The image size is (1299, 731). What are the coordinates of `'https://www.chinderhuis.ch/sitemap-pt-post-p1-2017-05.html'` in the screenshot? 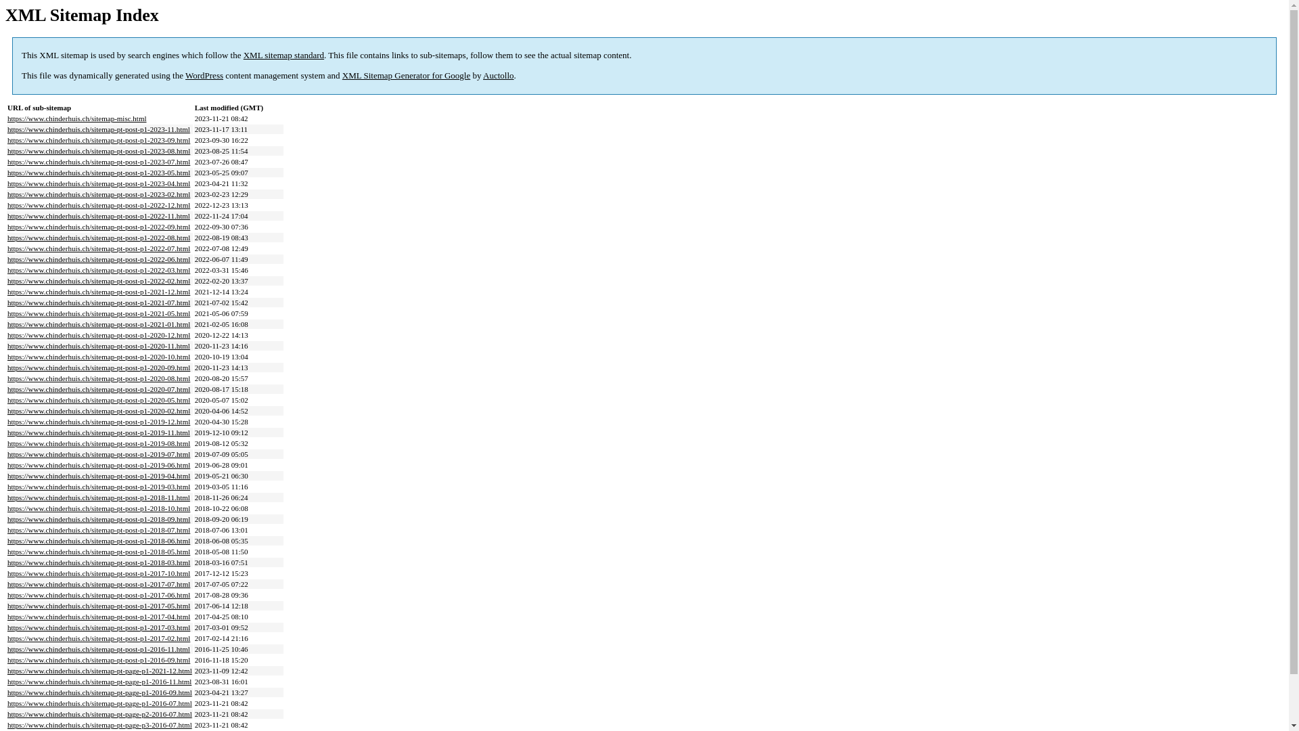 It's located at (97, 604).